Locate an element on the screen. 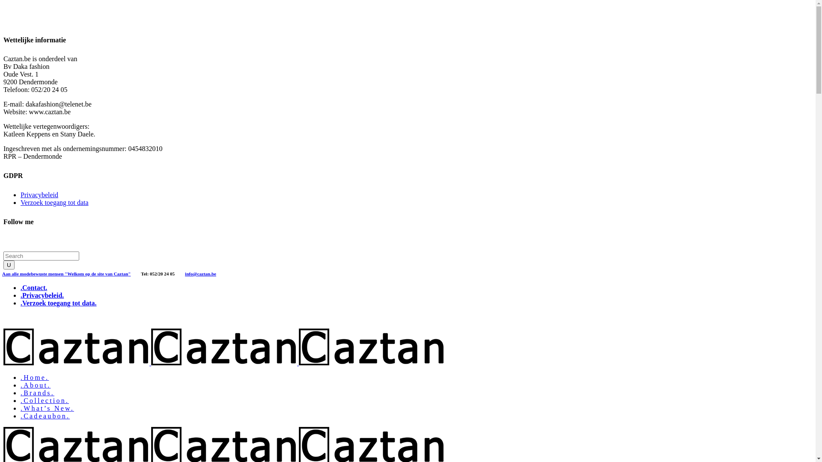 The image size is (822, 462). 'info@caztan.be' is located at coordinates (185, 273).